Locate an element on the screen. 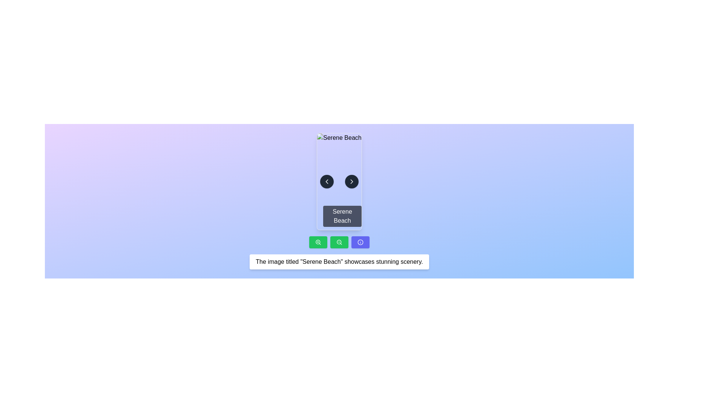  the backward navigation chevron icon is located at coordinates (327, 182).